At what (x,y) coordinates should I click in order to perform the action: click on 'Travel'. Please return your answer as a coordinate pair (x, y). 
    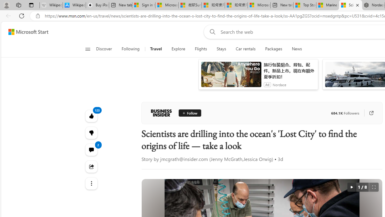
    Looking at the image, I should click on (156, 49).